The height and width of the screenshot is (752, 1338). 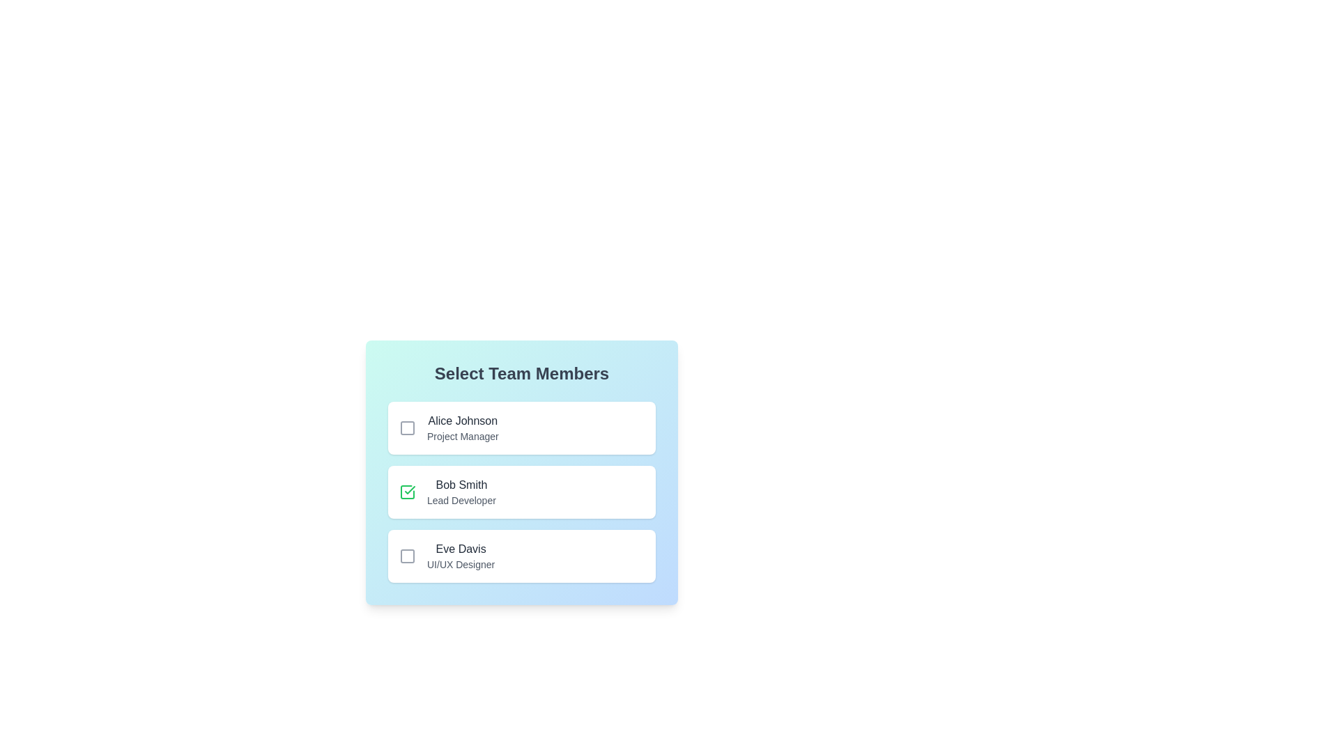 I want to click on text label displaying 'Lead Developer' located beneath 'Bob Smith' in the 'Select Team Members' interface, so click(x=461, y=499).